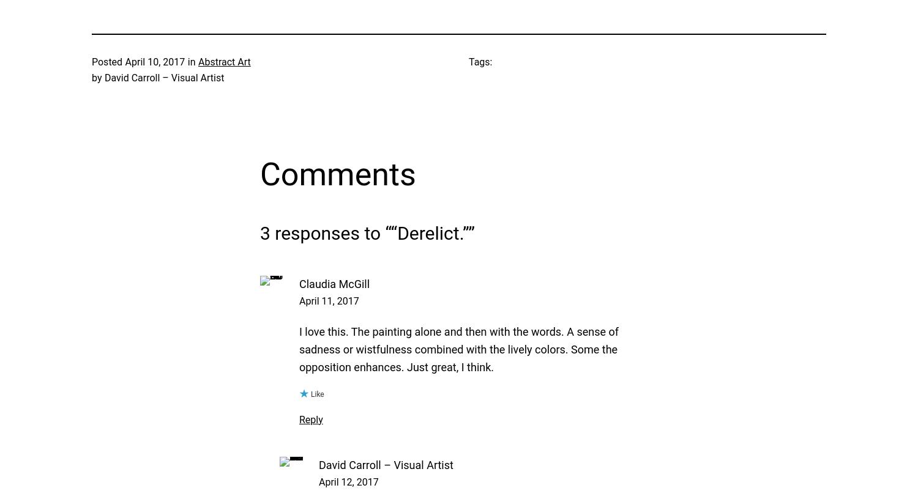 Image resolution: width=918 pixels, height=499 pixels. I want to click on 'Reply', so click(311, 418).